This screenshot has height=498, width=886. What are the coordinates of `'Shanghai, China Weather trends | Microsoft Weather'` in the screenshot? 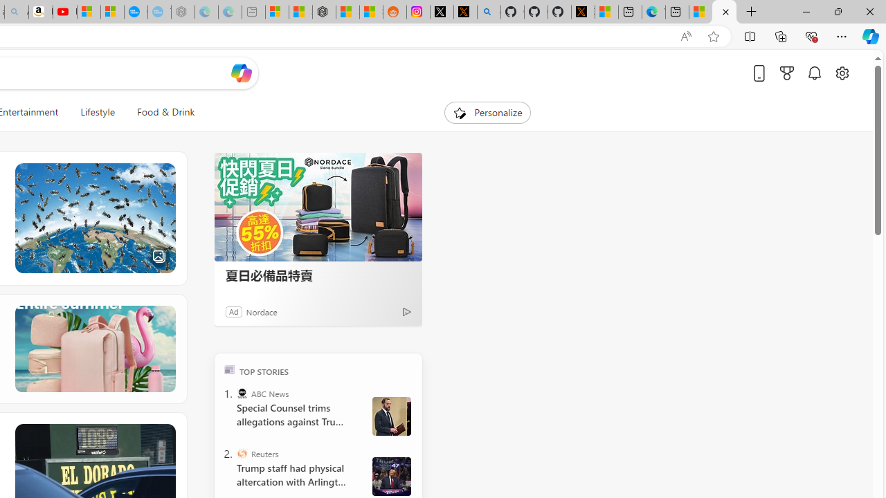 It's located at (371, 12).